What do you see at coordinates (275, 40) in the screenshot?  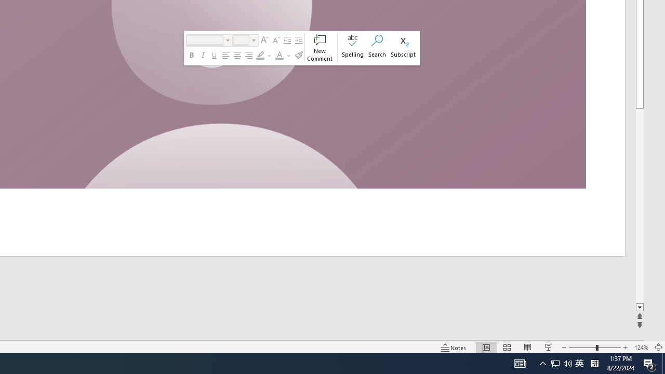 I see `'Decrease Font Size'` at bounding box center [275, 40].